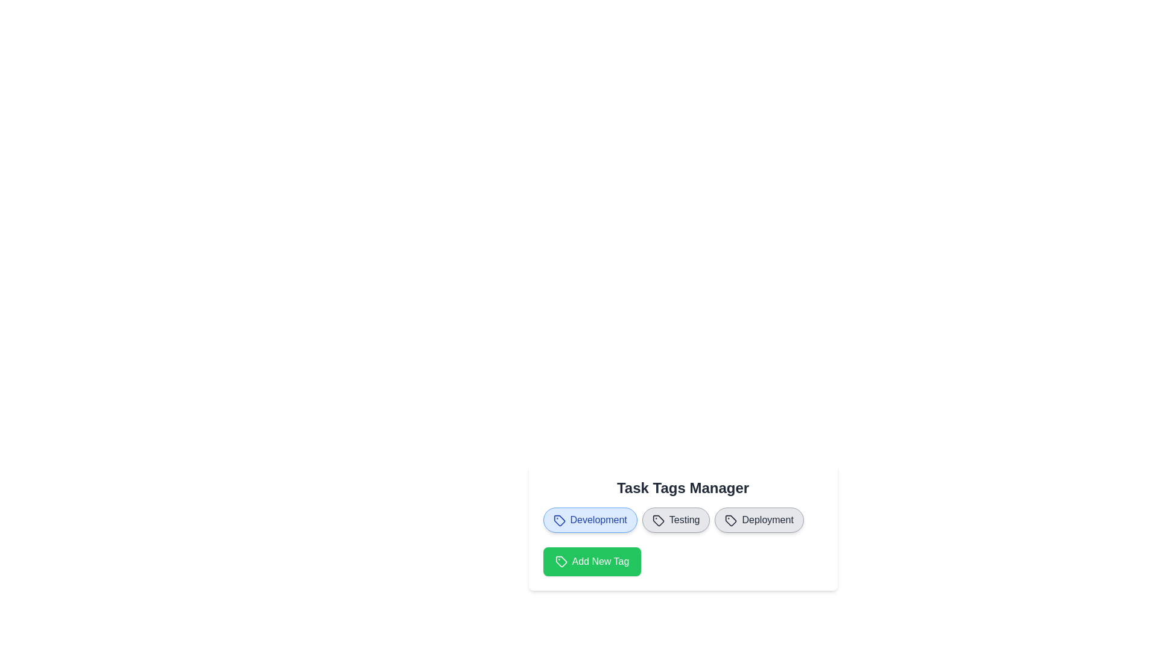 The height and width of the screenshot is (651, 1158). Describe the element at coordinates (560, 562) in the screenshot. I see `the green button labeled 'Add New Tag' which contains a graphical icon shaped like a tag or label with a hollow circle` at that location.